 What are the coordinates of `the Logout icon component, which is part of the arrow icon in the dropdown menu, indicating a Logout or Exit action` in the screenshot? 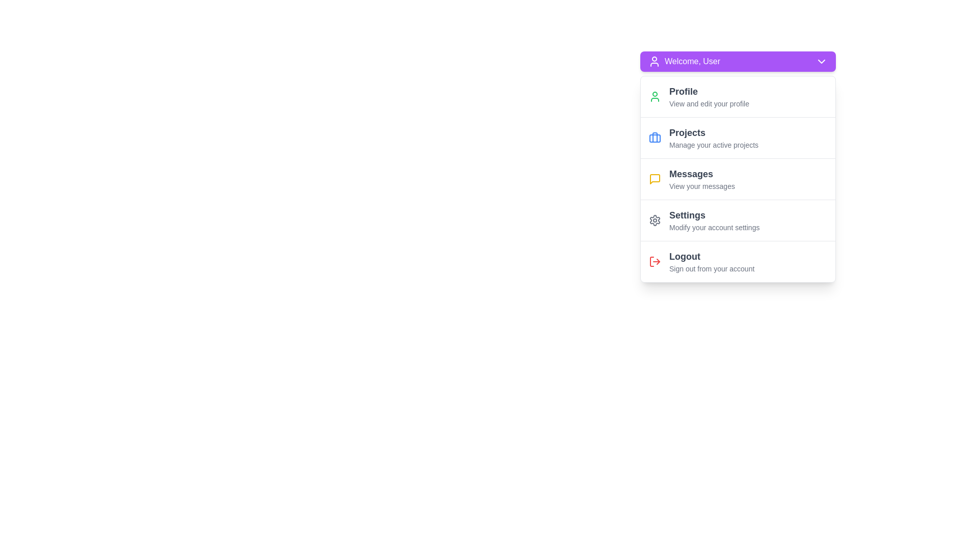 It's located at (658, 261).